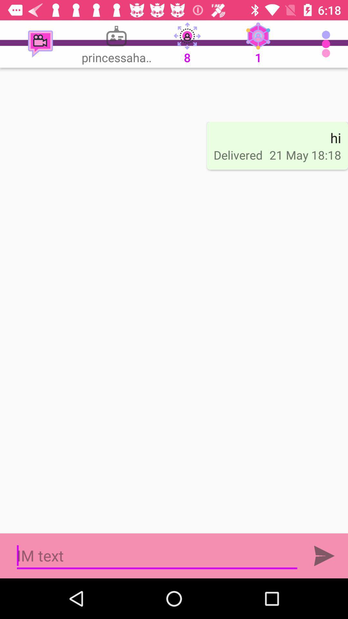 The height and width of the screenshot is (619, 348). Describe the element at coordinates (324, 555) in the screenshot. I see `next page` at that location.